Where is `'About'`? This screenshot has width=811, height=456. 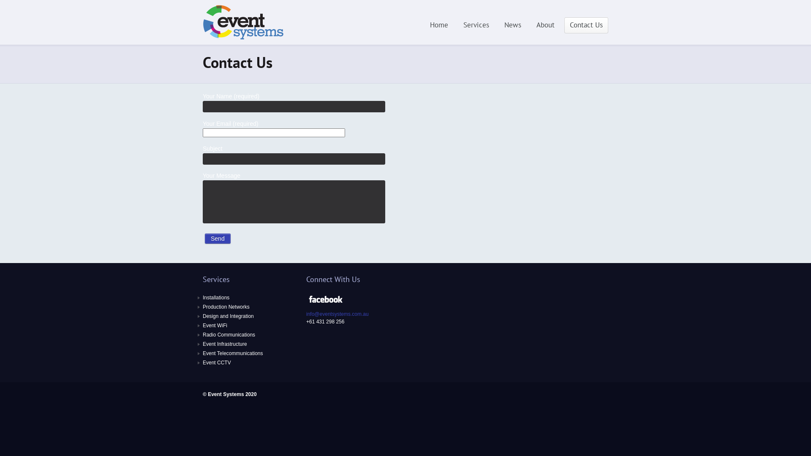
'About' is located at coordinates (545, 25).